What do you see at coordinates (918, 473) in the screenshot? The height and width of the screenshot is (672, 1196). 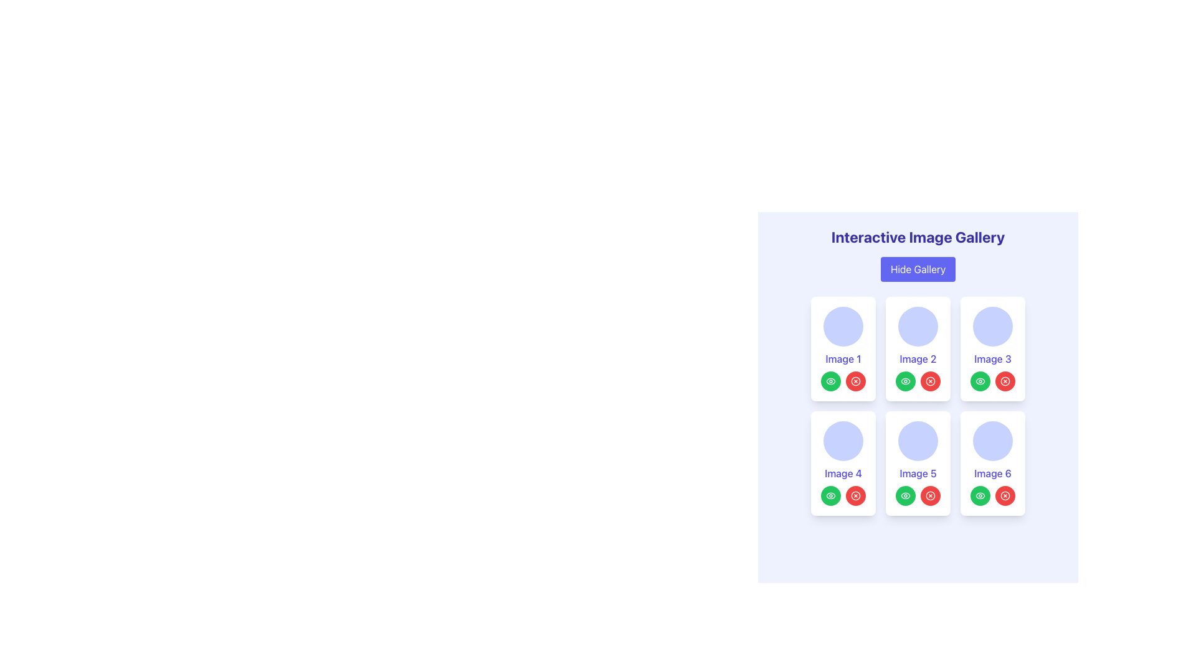 I see `the text element that designates 'Image 5', located at the bottom-middle section of the second card in the gallery grid layout` at bounding box center [918, 473].